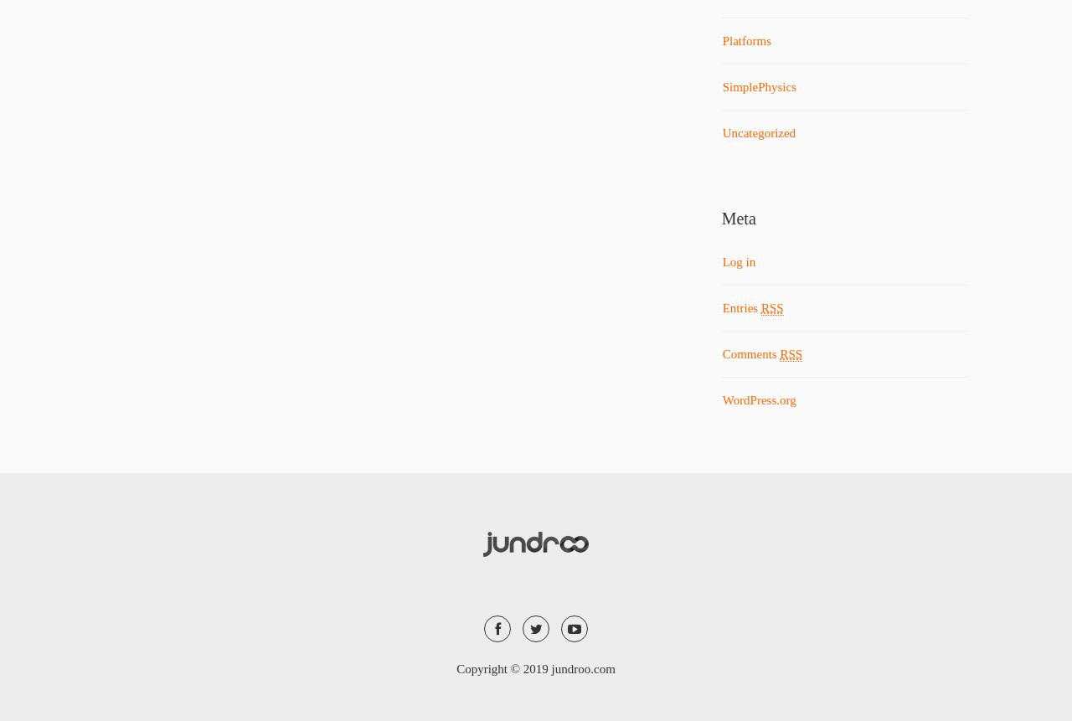 This screenshot has height=721, width=1072. Describe the element at coordinates (757, 399) in the screenshot. I see `'WordPress.org'` at that location.